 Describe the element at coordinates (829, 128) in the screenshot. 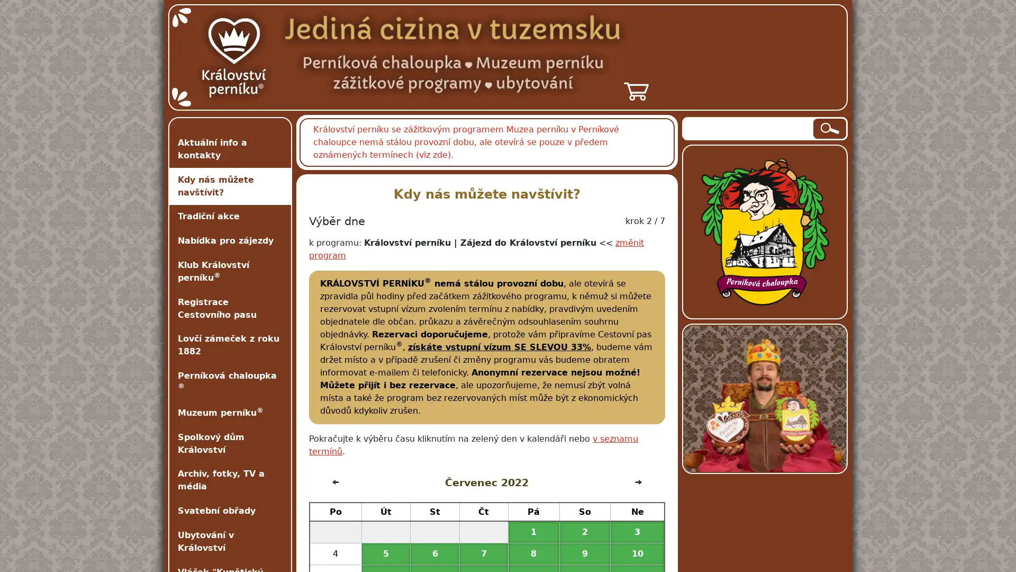

I see `Hledat` at that location.